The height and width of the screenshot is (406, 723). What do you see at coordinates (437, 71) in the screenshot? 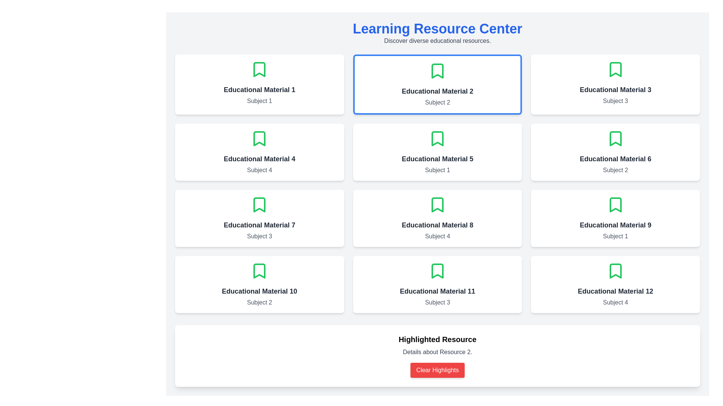
I see `the icon located at the top center of the card labeled 'Educational Material 2', which serves as a visual identifier for bookmarking the associated material` at bounding box center [437, 71].